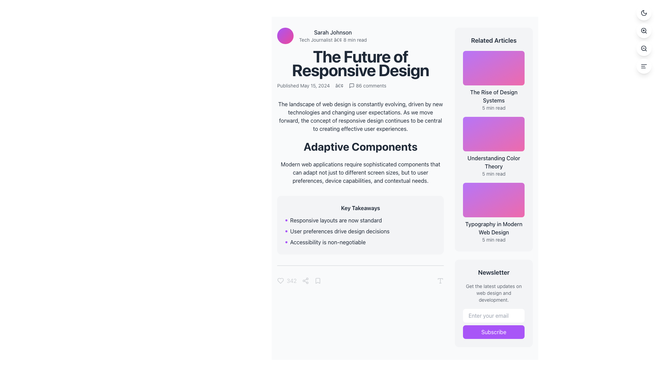  Describe the element at coordinates (339, 85) in the screenshot. I see `the textual separator (bullet/dot) that visually divides the publication date and comment count, positioned to the right of 'Published May 15, 2024' and to the left of '86 comments'` at that location.